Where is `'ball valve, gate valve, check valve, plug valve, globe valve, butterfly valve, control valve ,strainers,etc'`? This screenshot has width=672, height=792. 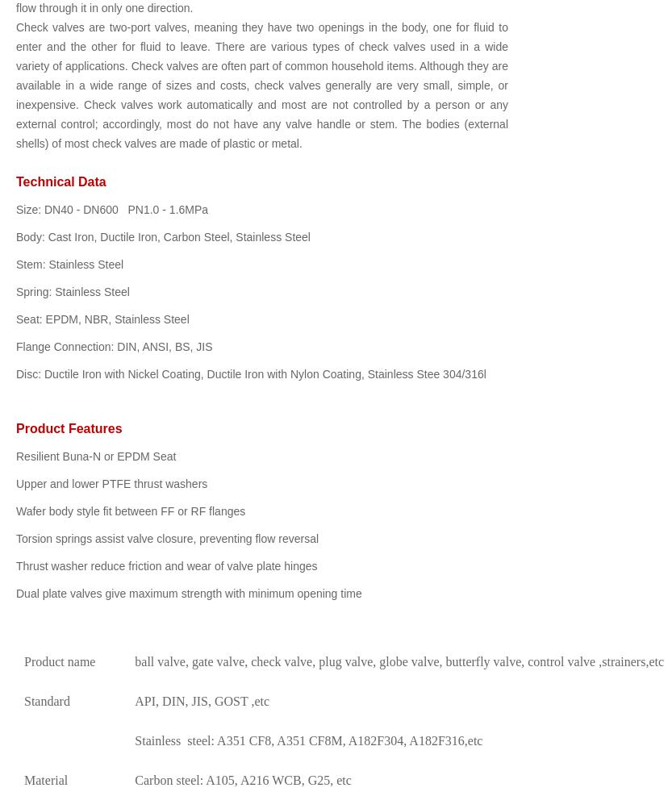 'ball valve, gate valve, check valve, plug valve, globe valve, butterfly valve, control valve ,strainers,etc' is located at coordinates (399, 661).